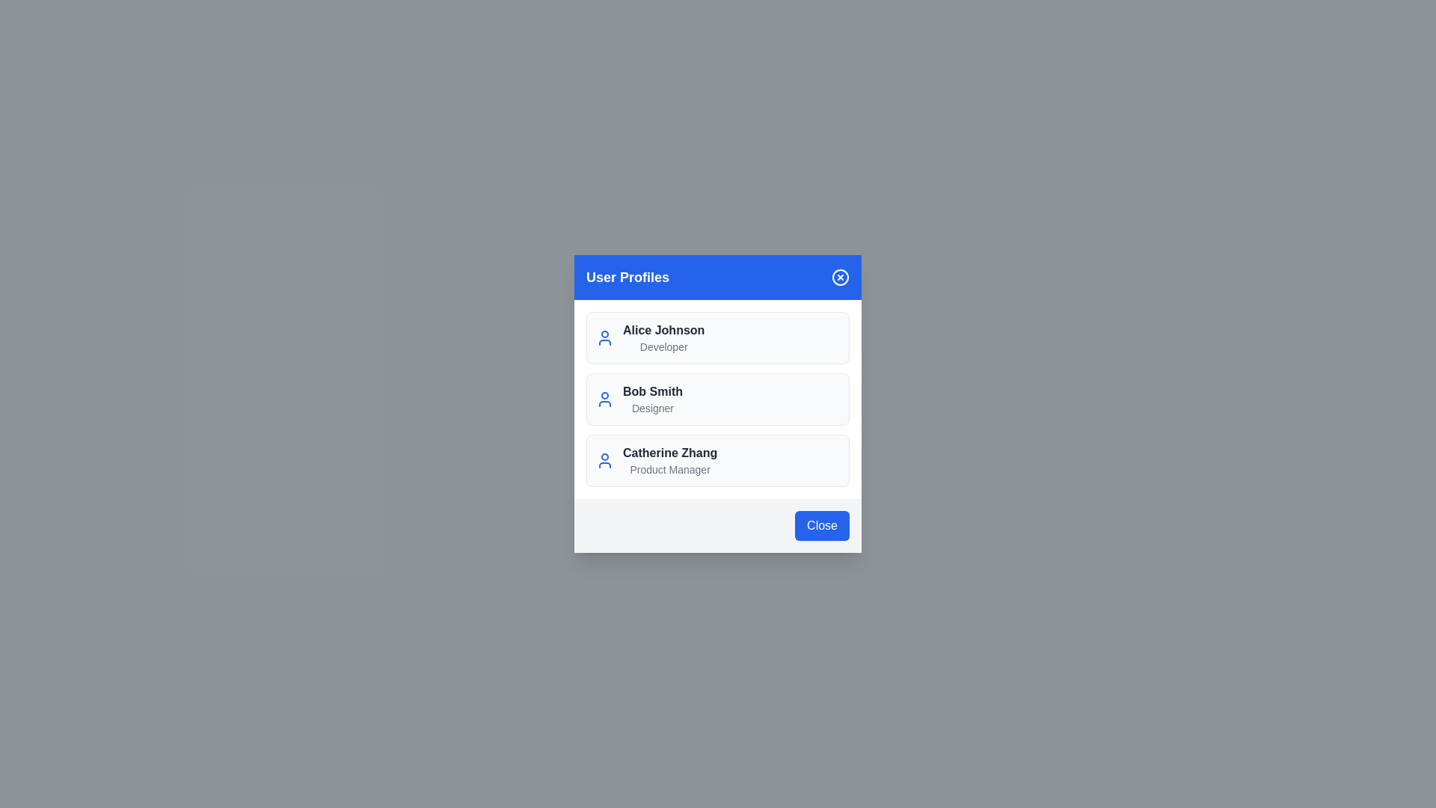 The width and height of the screenshot is (1436, 808). What do you see at coordinates (718, 404) in the screenshot?
I see `the dialog's main area to focus it` at bounding box center [718, 404].